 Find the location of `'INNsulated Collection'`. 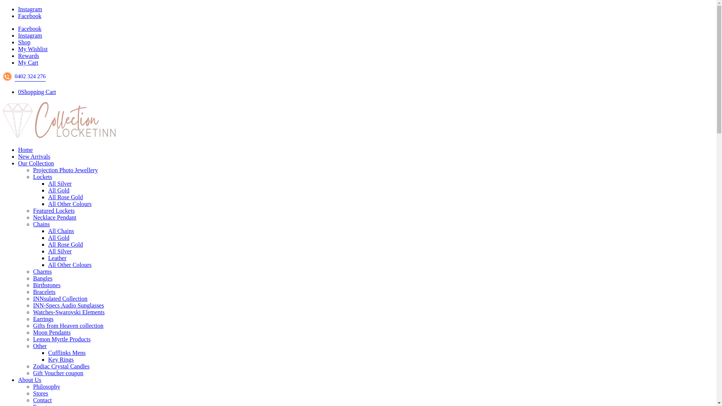

'INNsulated Collection' is located at coordinates (59, 298).